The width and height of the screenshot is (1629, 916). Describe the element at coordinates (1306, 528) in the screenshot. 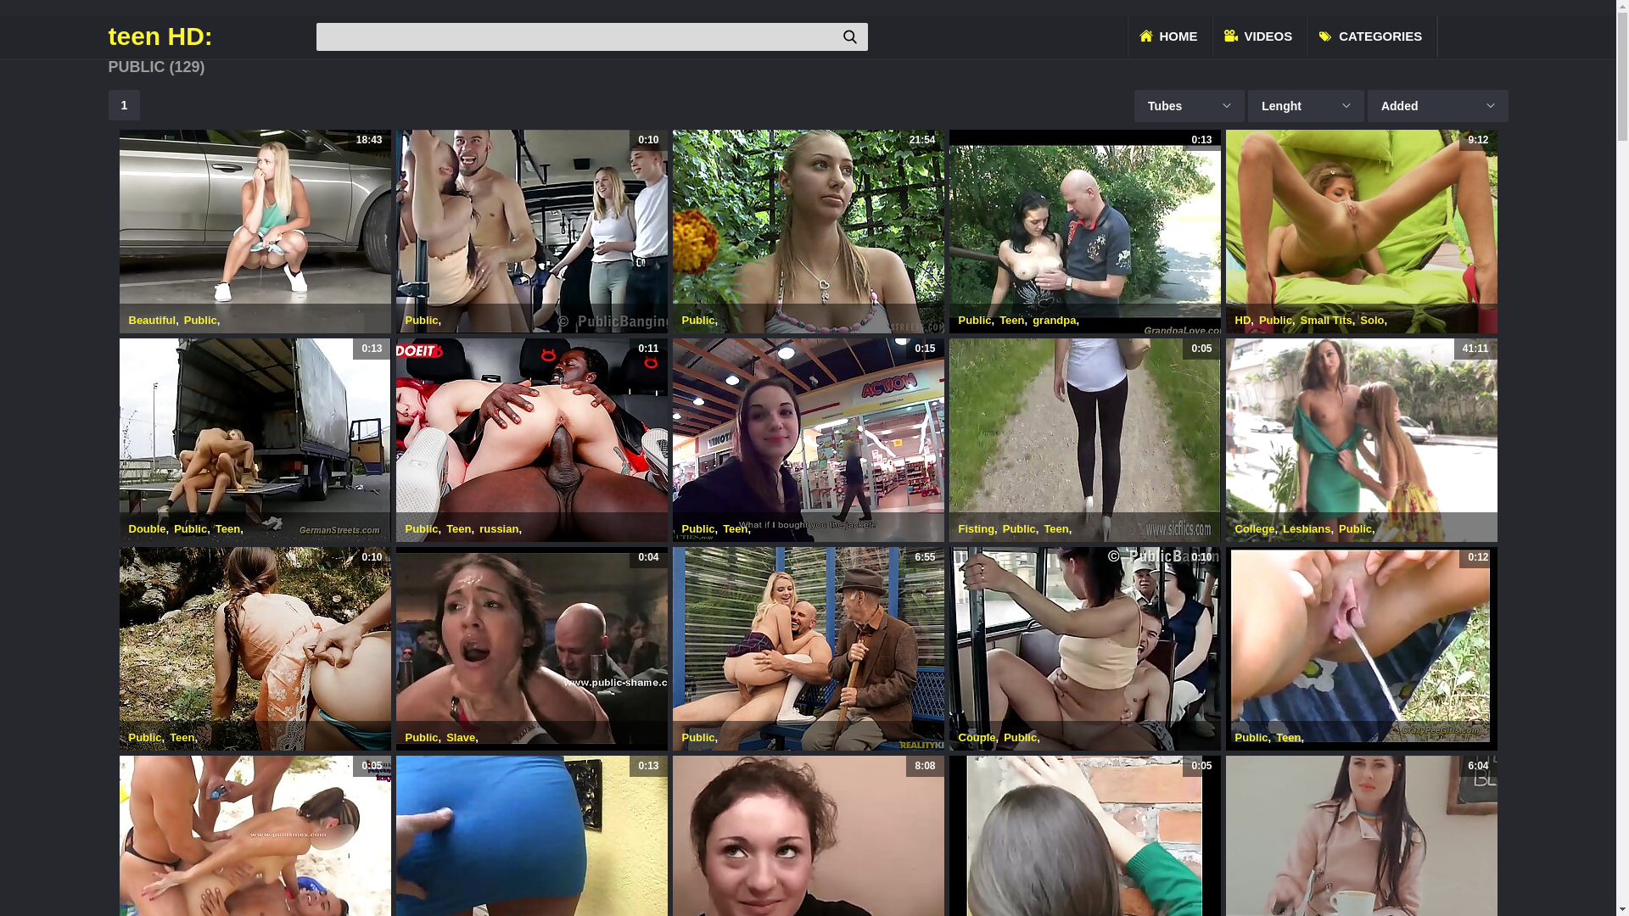

I see `'Lesbians'` at that location.